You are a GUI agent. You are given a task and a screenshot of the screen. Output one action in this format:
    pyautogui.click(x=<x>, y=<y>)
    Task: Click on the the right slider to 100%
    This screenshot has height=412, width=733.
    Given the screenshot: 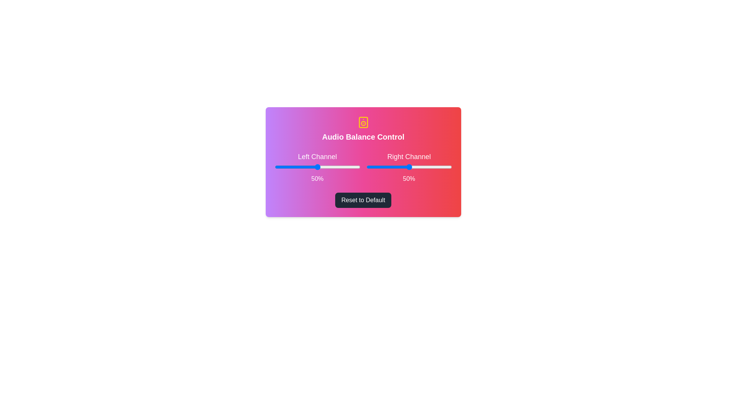 What is the action you would take?
    pyautogui.click(x=452, y=167)
    